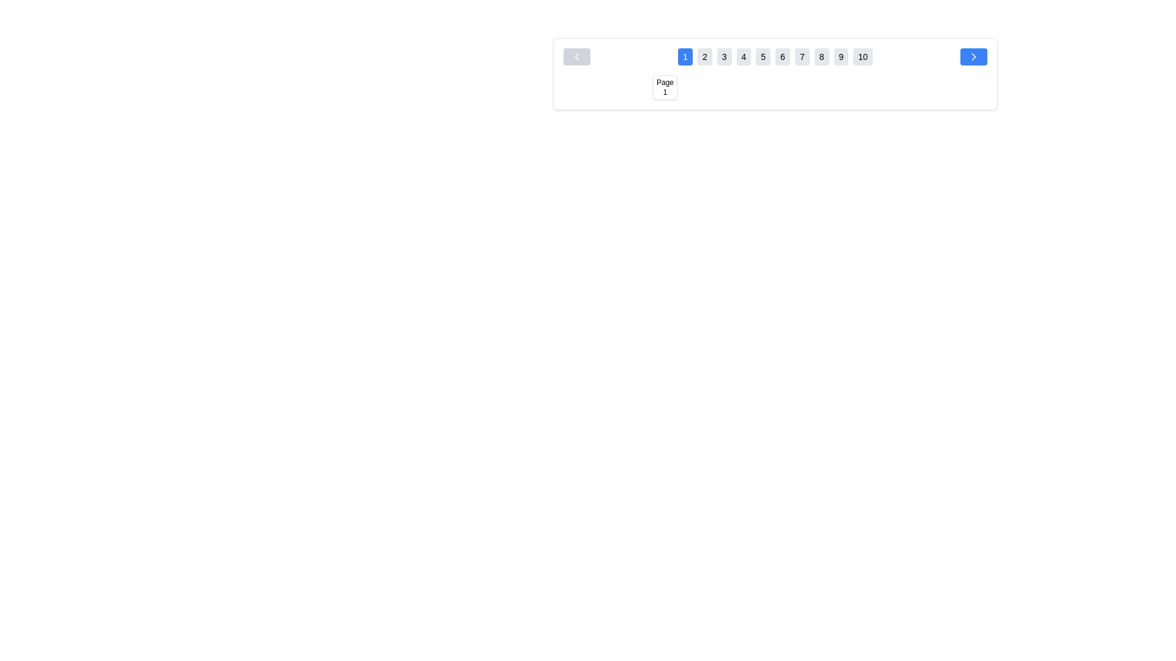 This screenshot has width=1176, height=661. Describe the element at coordinates (576, 56) in the screenshot. I see `the navigation button located at the leftmost side of the pagination toolbar` at that location.